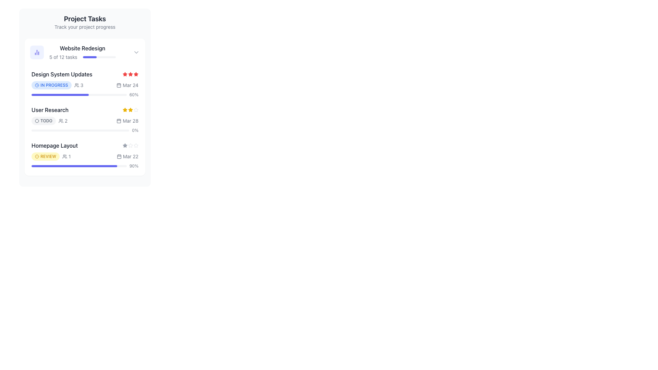 This screenshot has width=658, height=370. Describe the element at coordinates (127, 121) in the screenshot. I see `the Date display element that represents the due date for the 'User Research' task, located in the third section of the task list card, at the right side of the row` at that location.